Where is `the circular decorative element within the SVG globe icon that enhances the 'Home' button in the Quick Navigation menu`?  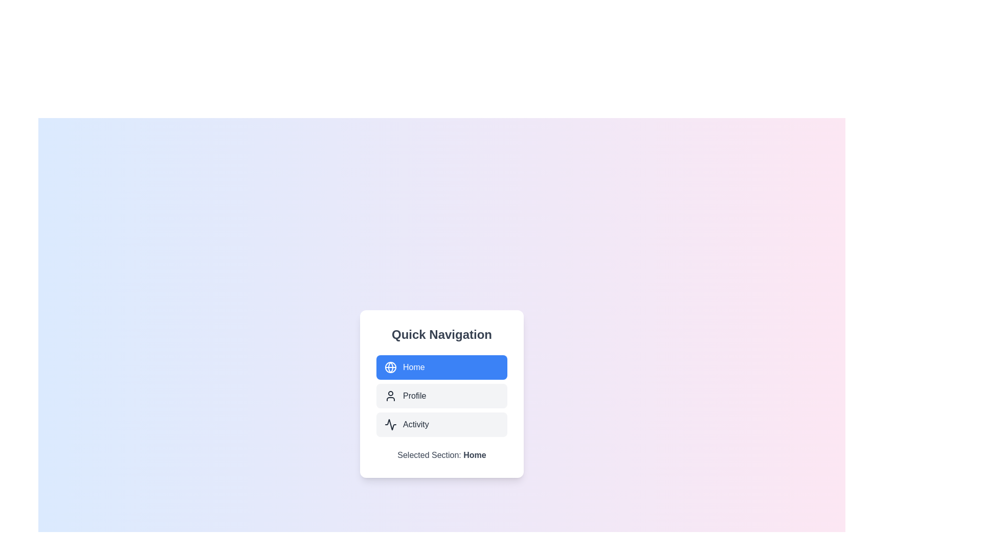
the circular decorative element within the SVG globe icon that enhances the 'Home' button in the Quick Navigation menu is located at coordinates (390, 366).